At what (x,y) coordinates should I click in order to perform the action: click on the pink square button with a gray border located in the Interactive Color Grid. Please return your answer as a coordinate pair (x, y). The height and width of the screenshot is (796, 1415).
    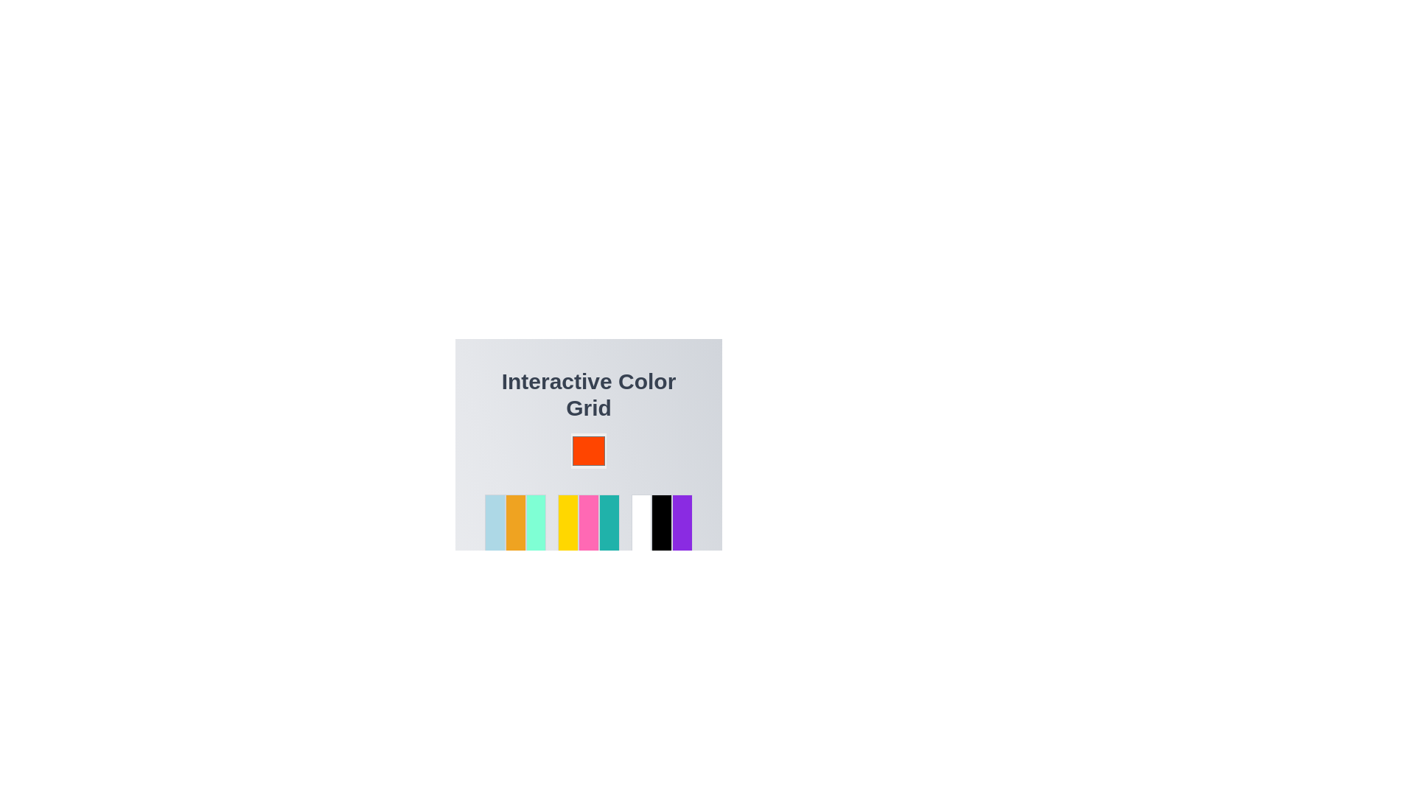
    Looking at the image, I should click on (587, 523).